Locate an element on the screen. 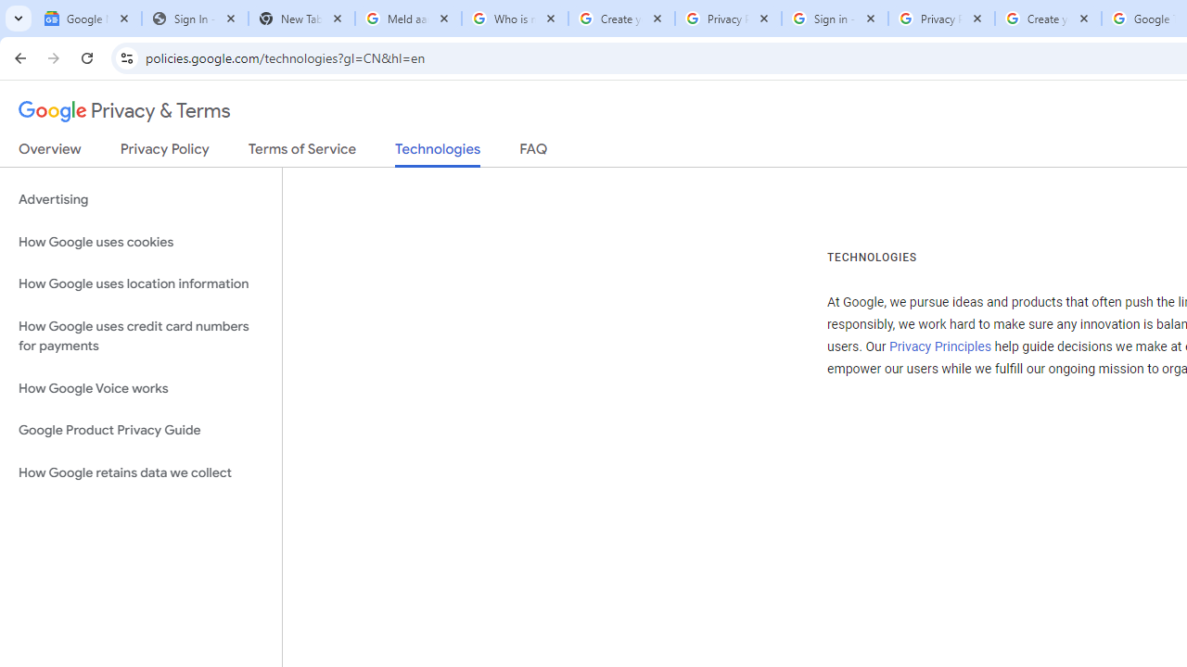 This screenshot has width=1187, height=667. 'Sign in - Google Accounts' is located at coordinates (834, 19).